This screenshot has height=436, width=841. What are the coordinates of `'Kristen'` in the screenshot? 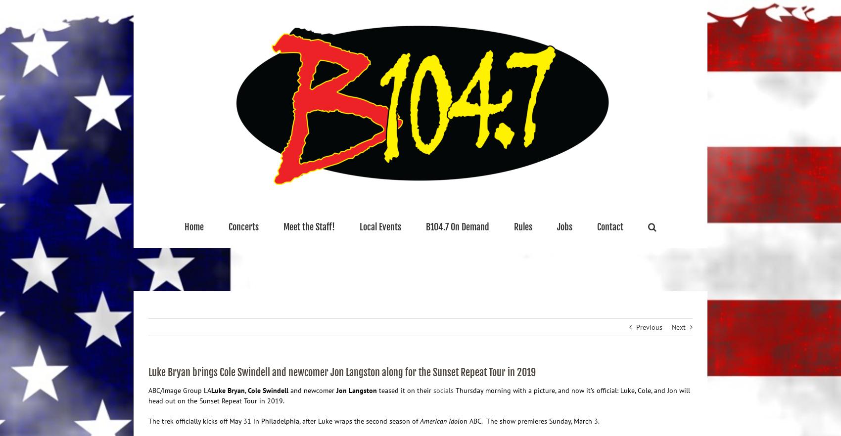 It's located at (302, 273).